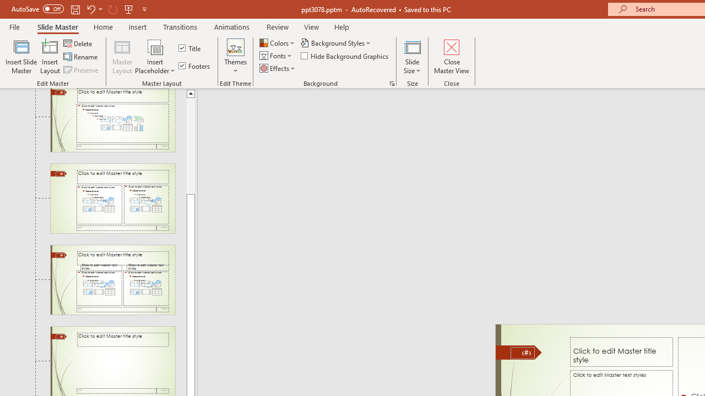 This screenshot has height=396, width=705. What do you see at coordinates (278, 68) in the screenshot?
I see `'Effects'` at bounding box center [278, 68].